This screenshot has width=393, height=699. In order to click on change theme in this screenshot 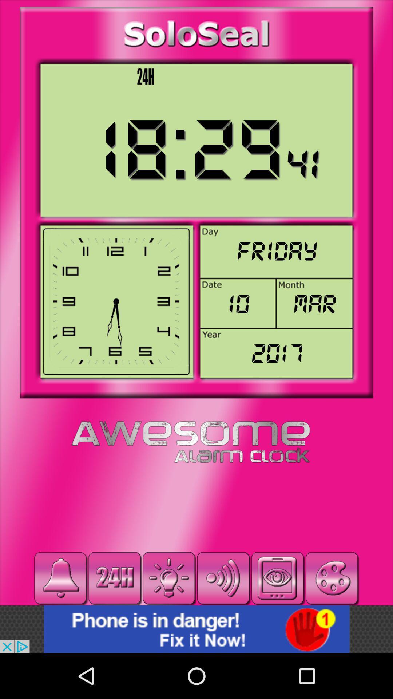, I will do `click(332, 578)`.